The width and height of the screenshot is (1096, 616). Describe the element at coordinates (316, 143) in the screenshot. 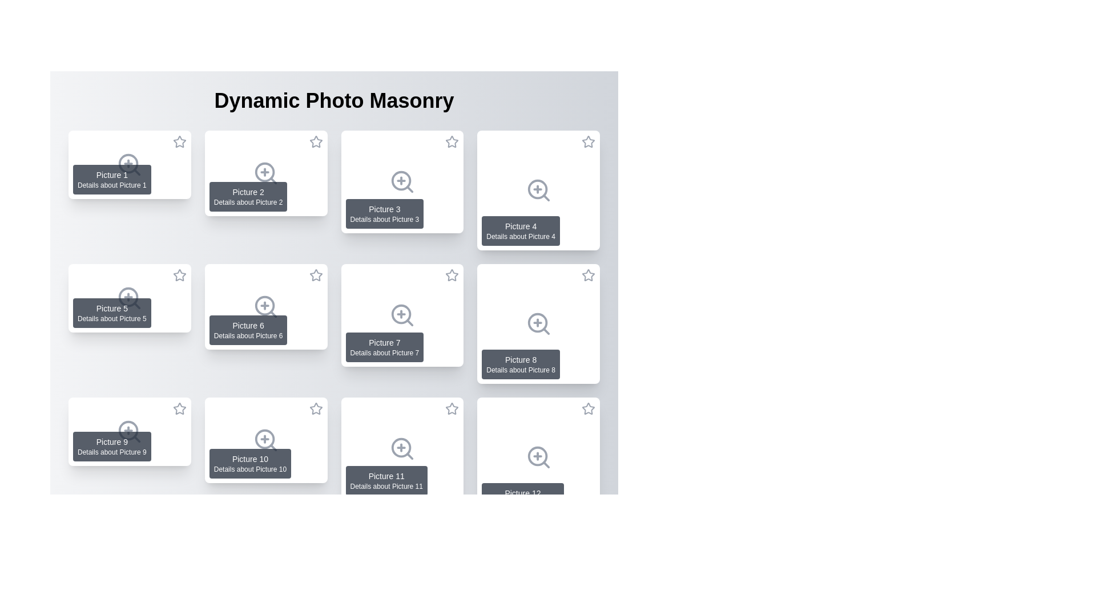

I see `the gray star icon located in the top-right corner of the card labeled 'Picture 2'` at that location.